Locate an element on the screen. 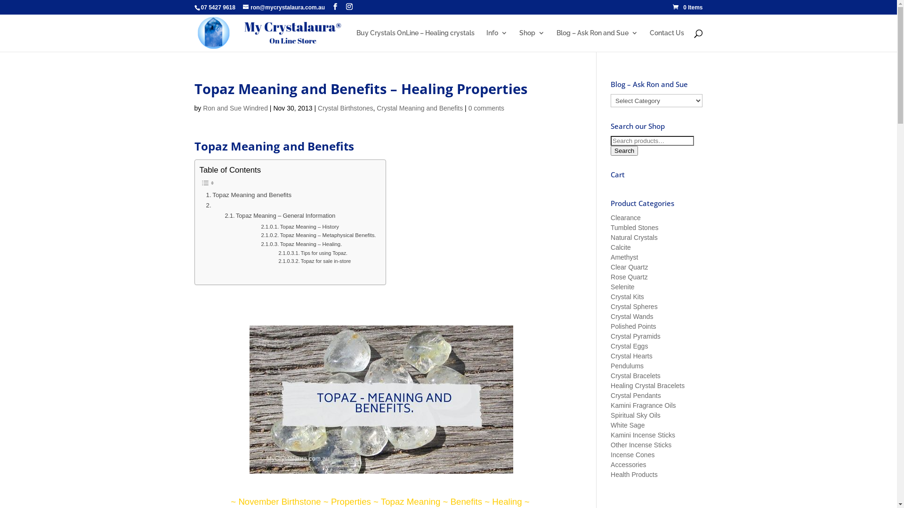 Image resolution: width=904 pixels, height=508 pixels. 'Other Incense Sticks' is located at coordinates (610, 444).